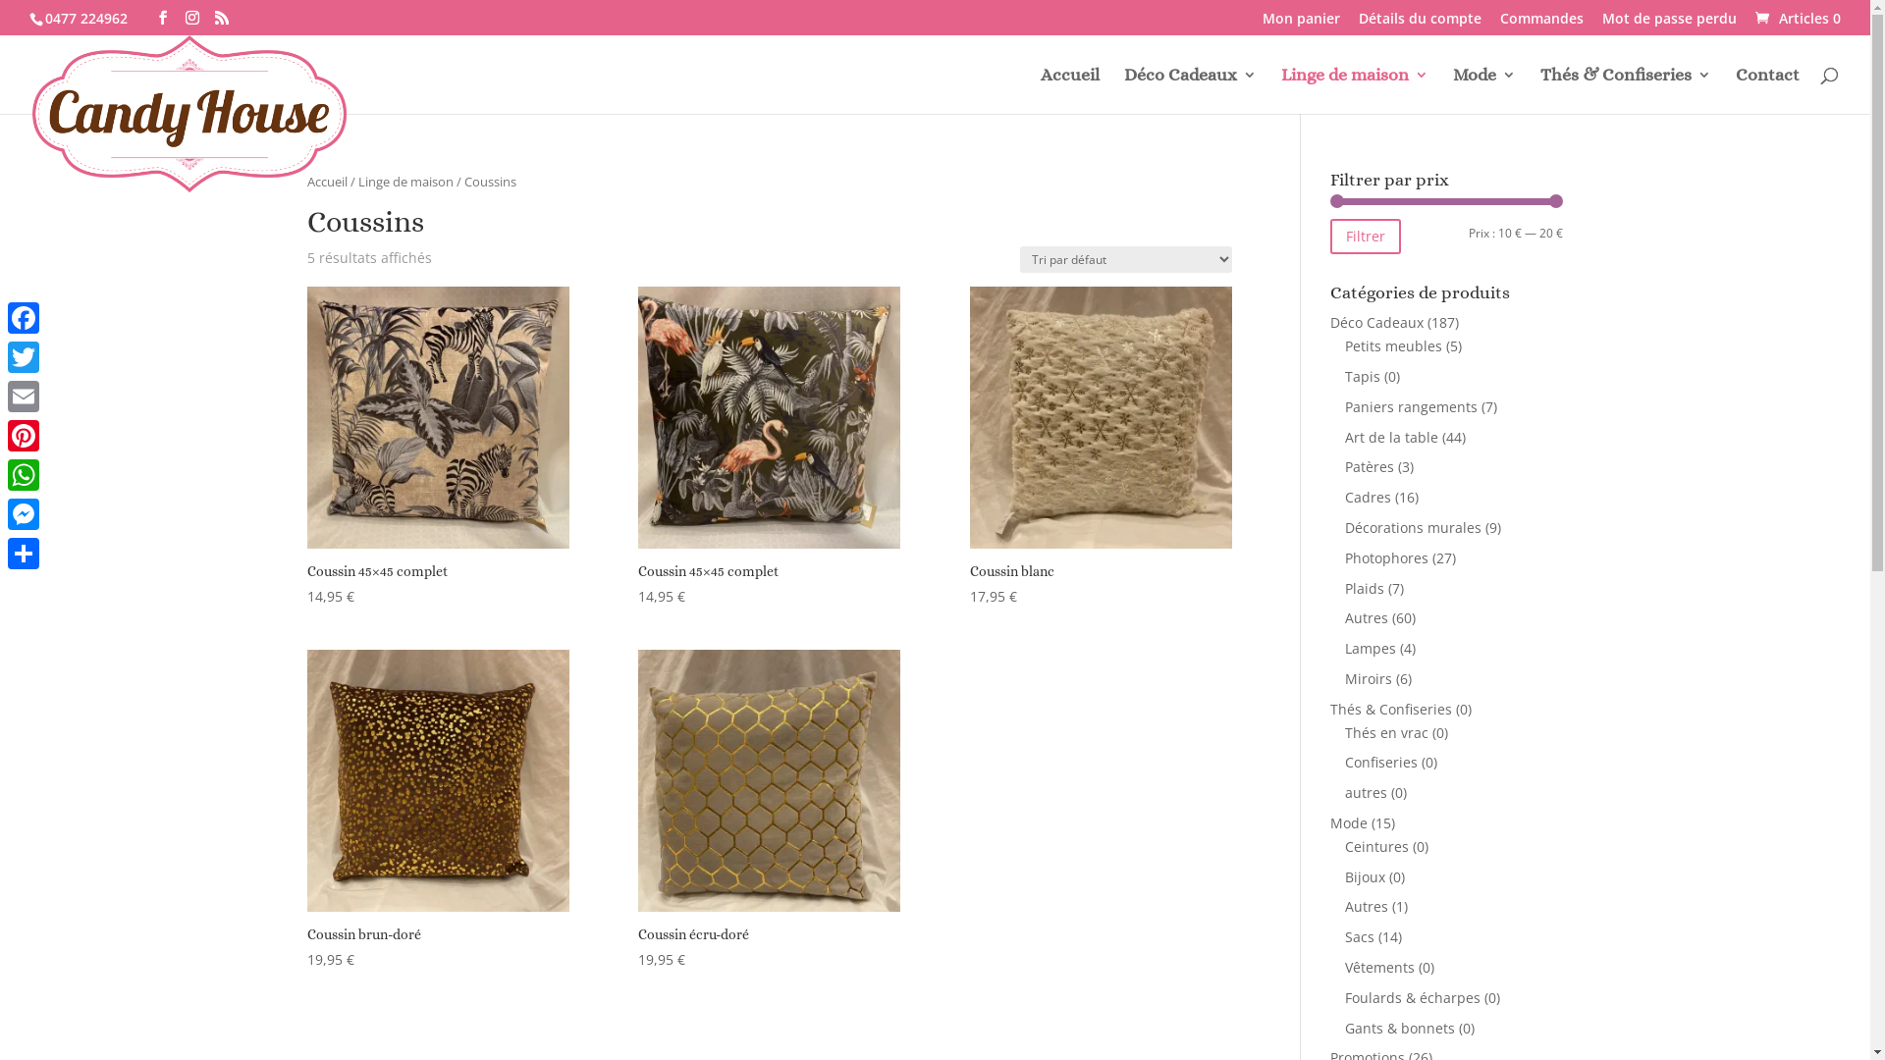  Describe the element at coordinates (1370, 648) in the screenshot. I see `'Lampes'` at that location.